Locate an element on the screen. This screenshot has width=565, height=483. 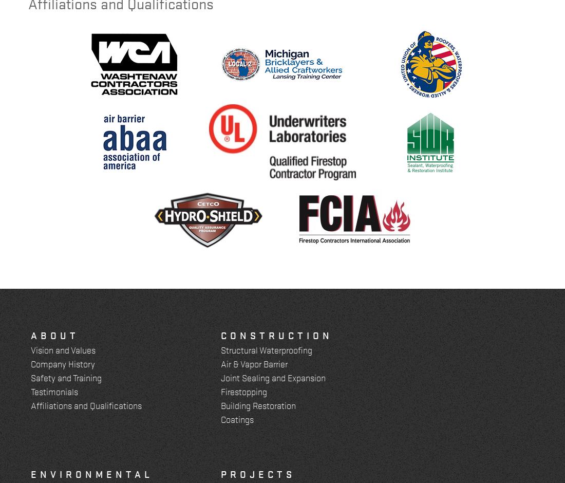
'Vision and Values' is located at coordinates (63, 349).